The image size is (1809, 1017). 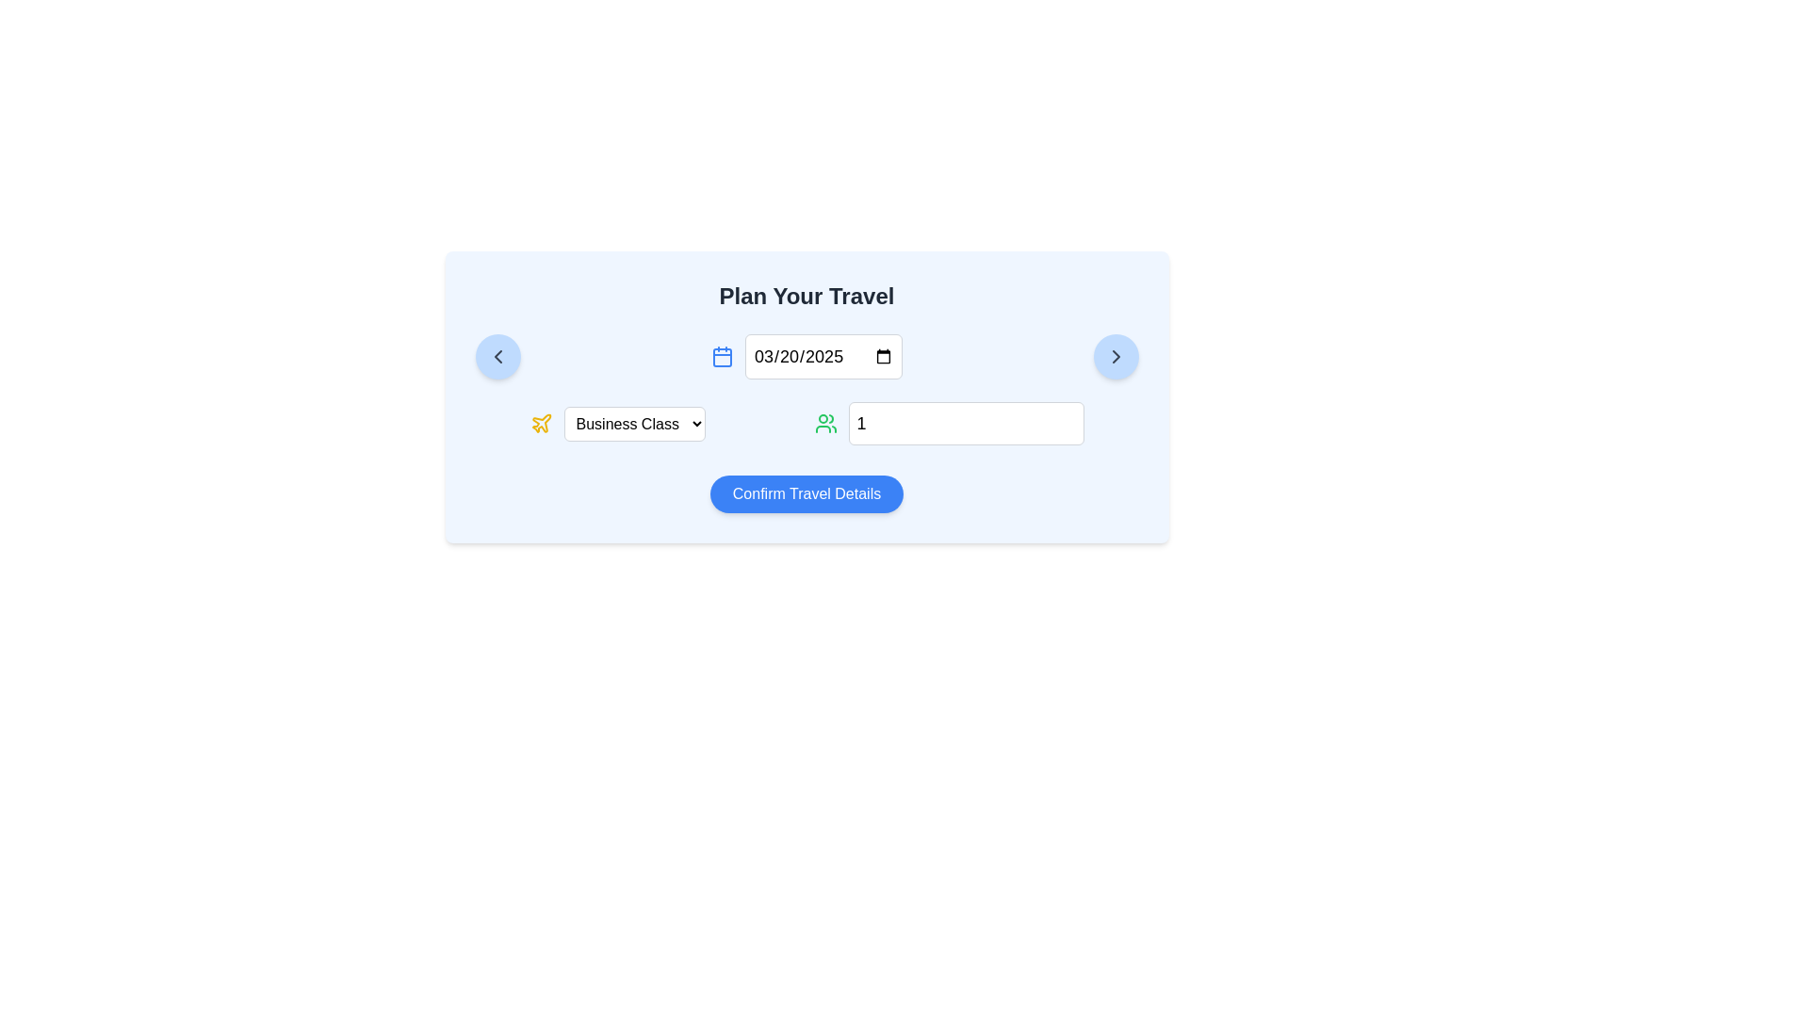 What do you see at coordinates (807, 356) in the screenshot?
I see `the Date Input element` at bounding box center [807, 356].